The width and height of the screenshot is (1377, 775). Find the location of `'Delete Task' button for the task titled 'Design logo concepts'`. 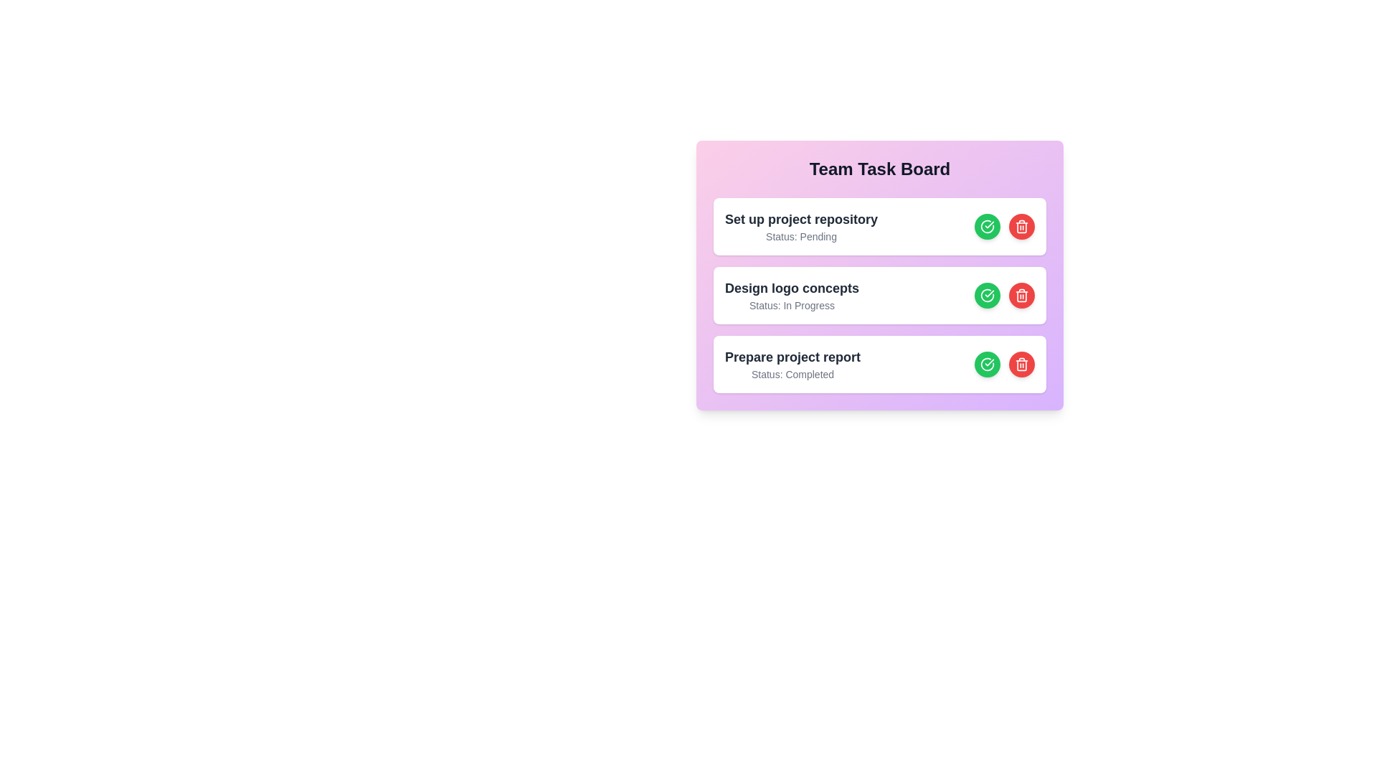

'Delete Task' button for the task titled 'Design logo concepts' is located at coordinates (1021, 295).